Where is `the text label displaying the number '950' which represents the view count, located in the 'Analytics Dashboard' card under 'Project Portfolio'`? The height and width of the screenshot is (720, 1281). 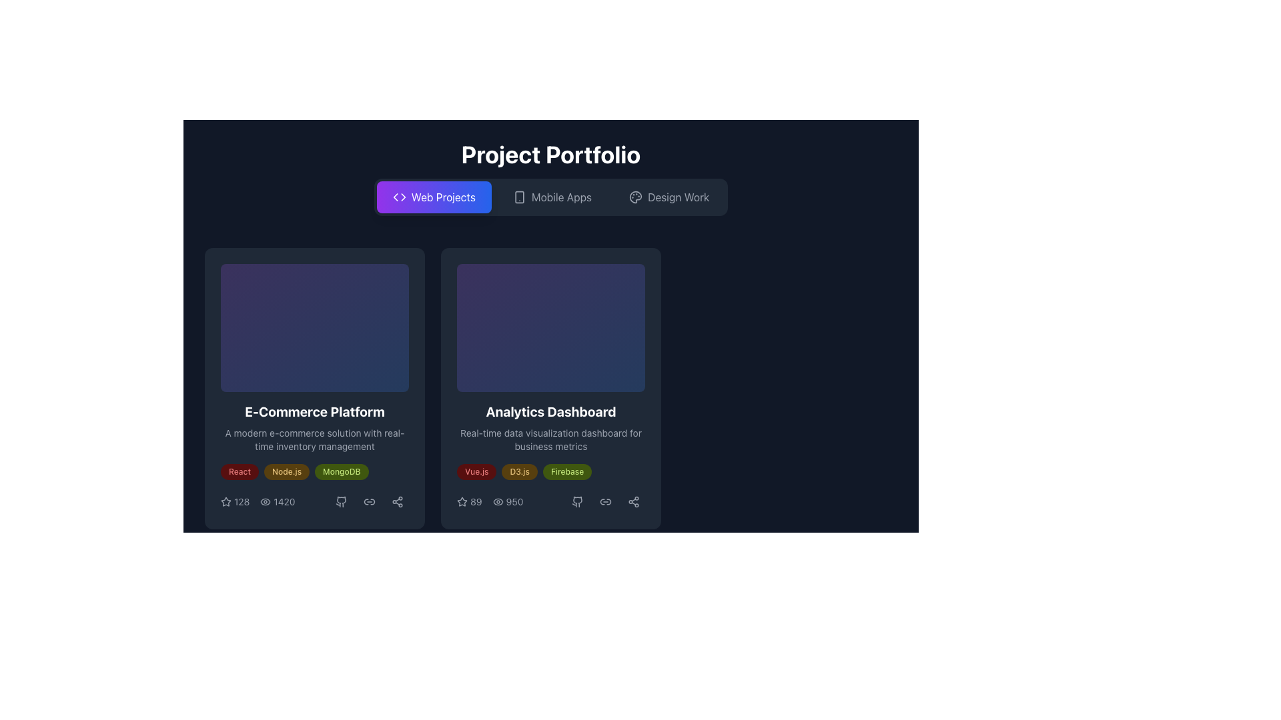 the text label displaying the number '950' which represents the view count, located in the 'Analytics Dashboard' card under 'Project Portfolio' is located at coordinates (507, 501).